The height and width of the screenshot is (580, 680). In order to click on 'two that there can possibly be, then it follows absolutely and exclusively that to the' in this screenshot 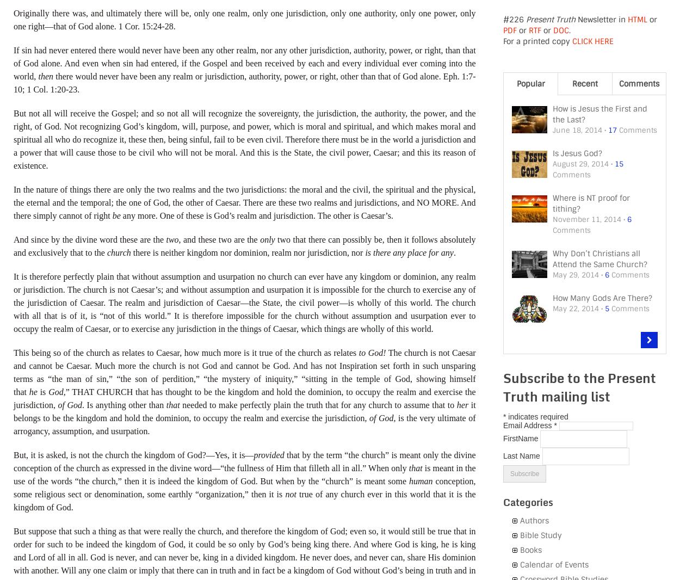, I will do `click(244, 245)`.